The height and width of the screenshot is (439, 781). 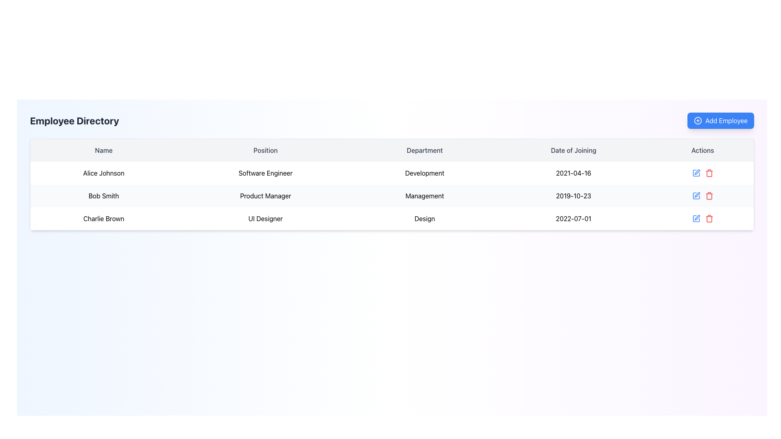 I want to click on the third row in the Employee Directory table that contains the name 'Charlie Brown', position 'UI Designer', department 'Design', and joining date '2022-07-01', so click(x=392, y=218).